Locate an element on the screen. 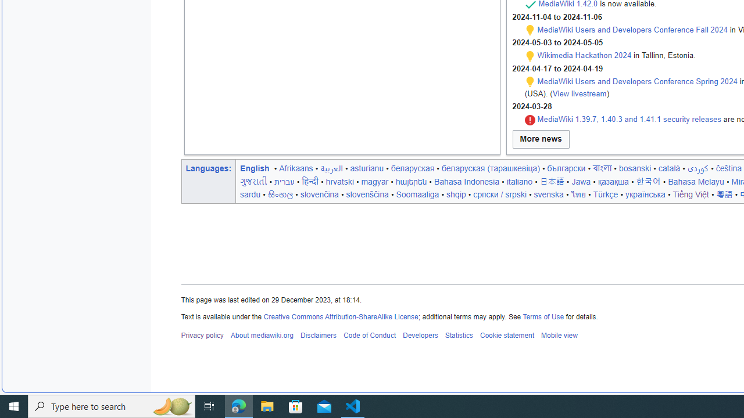 This screenshot has width=744, height=418. 'MediaWiki 1.39.7, 1.40.3 and 1.41.1 security releases' is located at coordinates (628, 119).